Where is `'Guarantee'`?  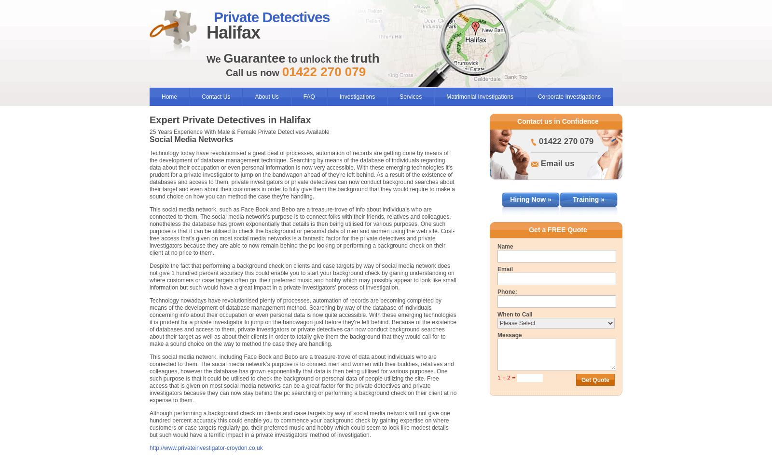 'Guarantee' is located at coordinates (254, 58).